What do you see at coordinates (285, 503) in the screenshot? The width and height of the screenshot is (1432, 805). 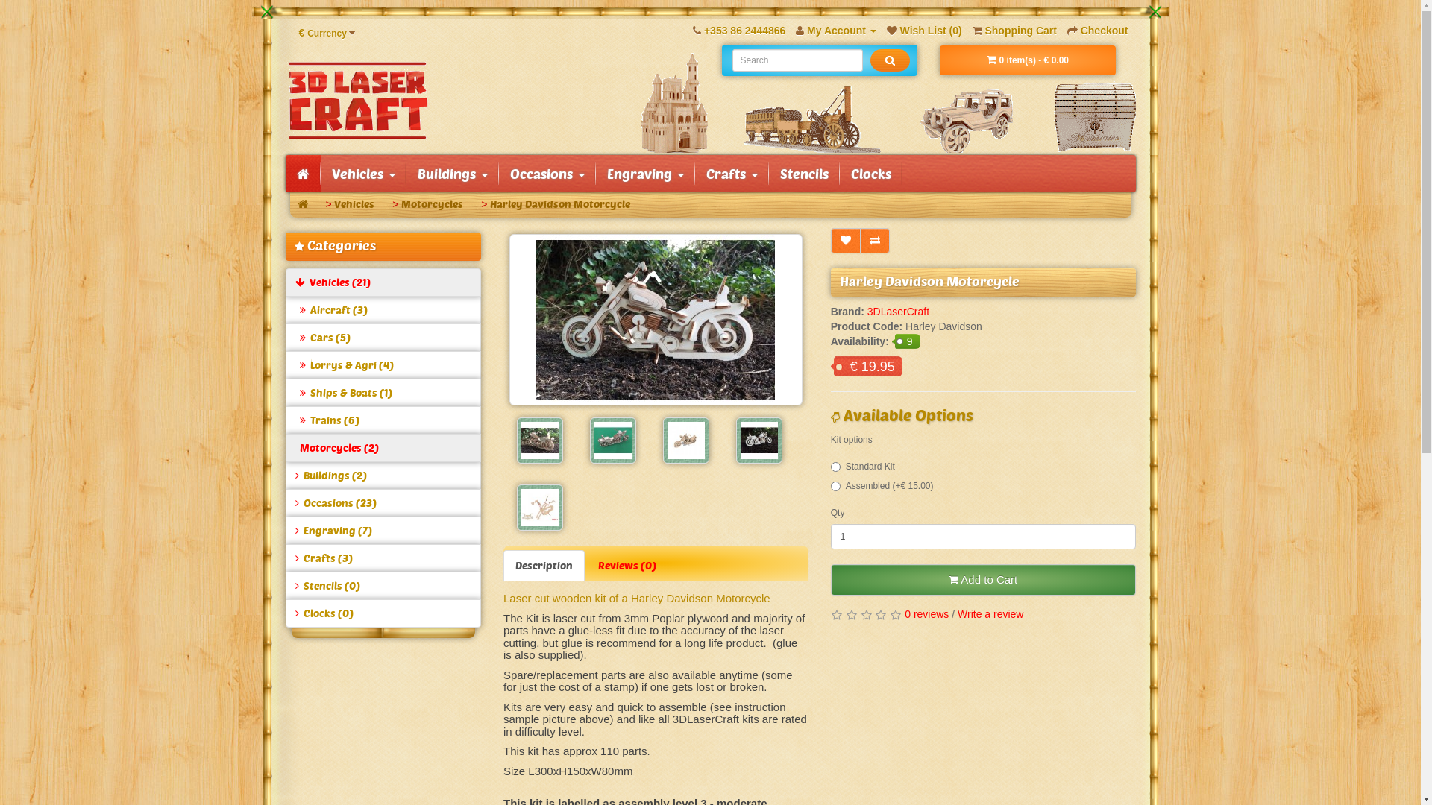 I see `'  Occasions (23)'` at bounding box center [285, 503].